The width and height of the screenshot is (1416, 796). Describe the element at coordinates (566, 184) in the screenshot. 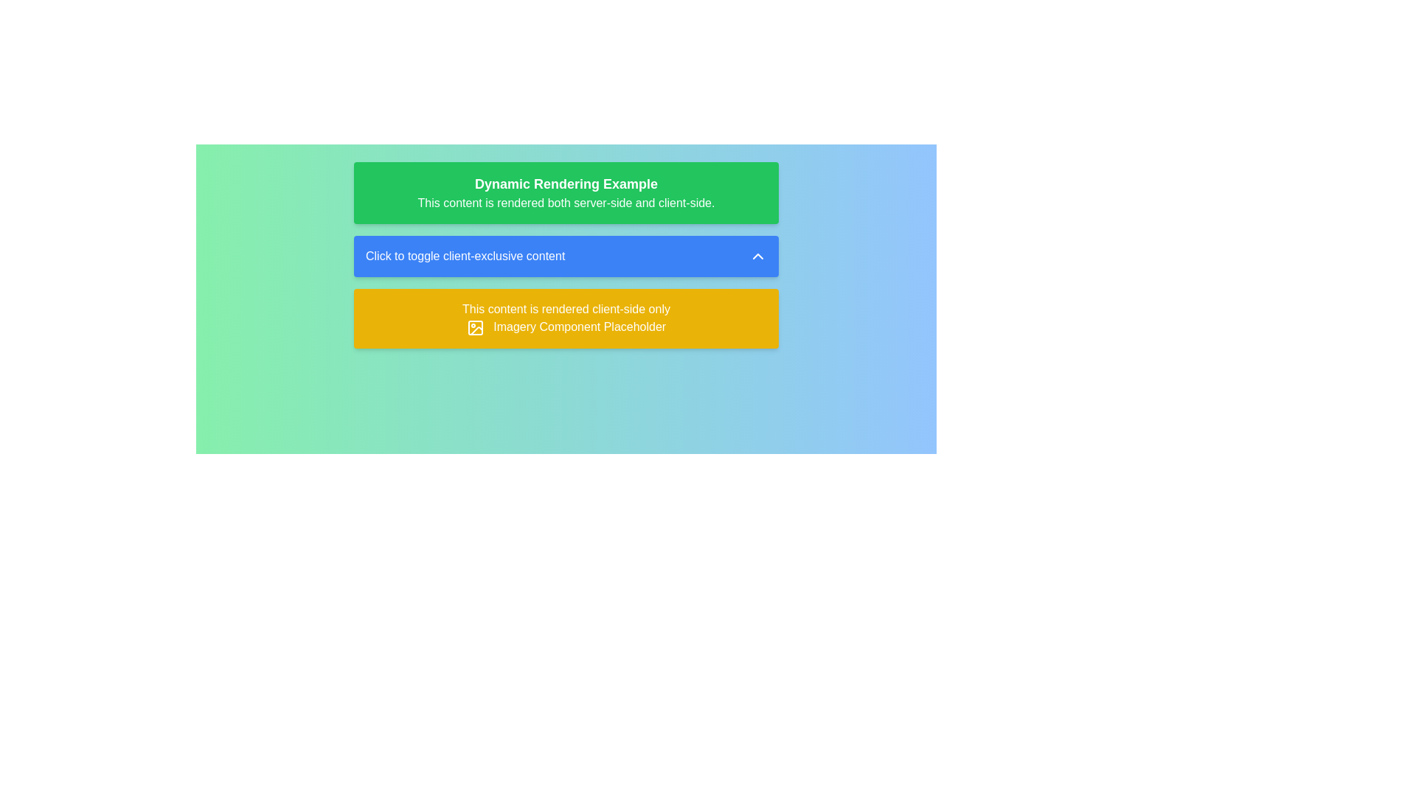

I see `the bold text labeled 'Dynamic Rendering Example', which is styled with a larger font size and white color, located on a green rectangle background near the top of the interface` at that location.